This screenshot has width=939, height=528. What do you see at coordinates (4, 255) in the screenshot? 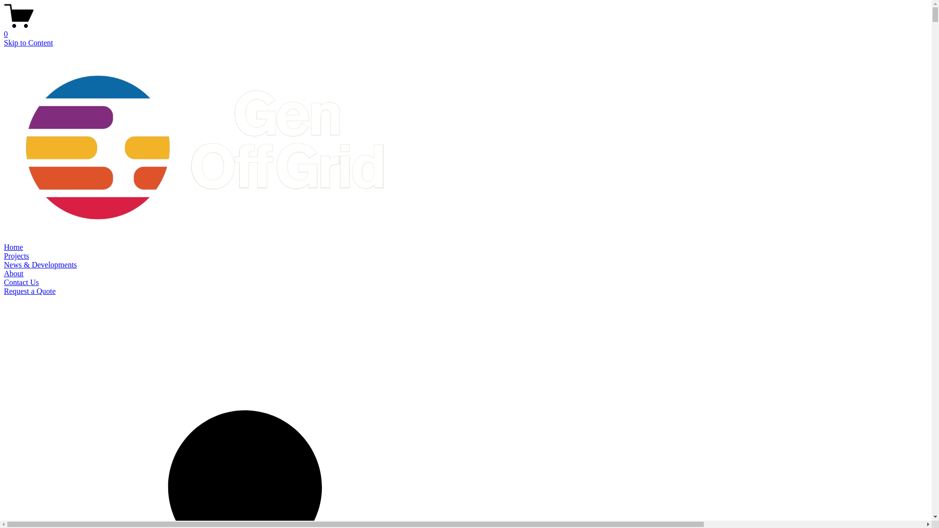
I see `'Projects'` at bounding box center [4, 255].